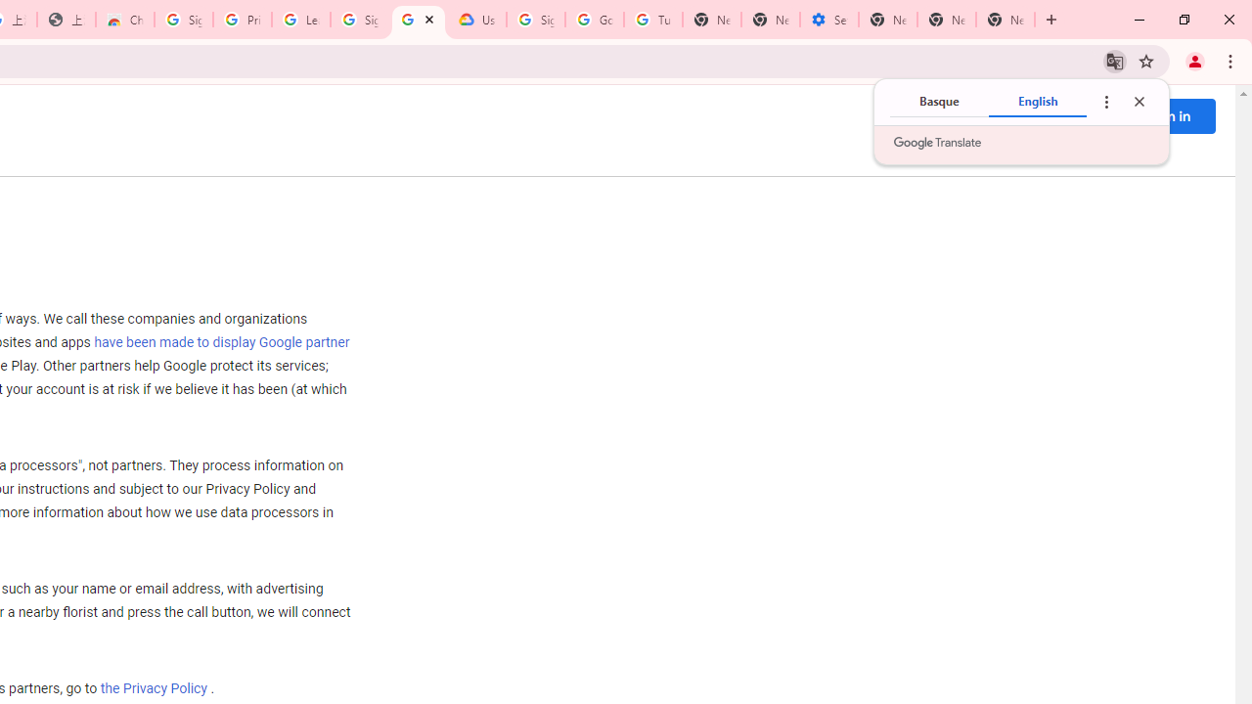  What do you see at coordinates (1037, 102) in the screenshot?
I see `'English'` at bounding box center [1037, 102].